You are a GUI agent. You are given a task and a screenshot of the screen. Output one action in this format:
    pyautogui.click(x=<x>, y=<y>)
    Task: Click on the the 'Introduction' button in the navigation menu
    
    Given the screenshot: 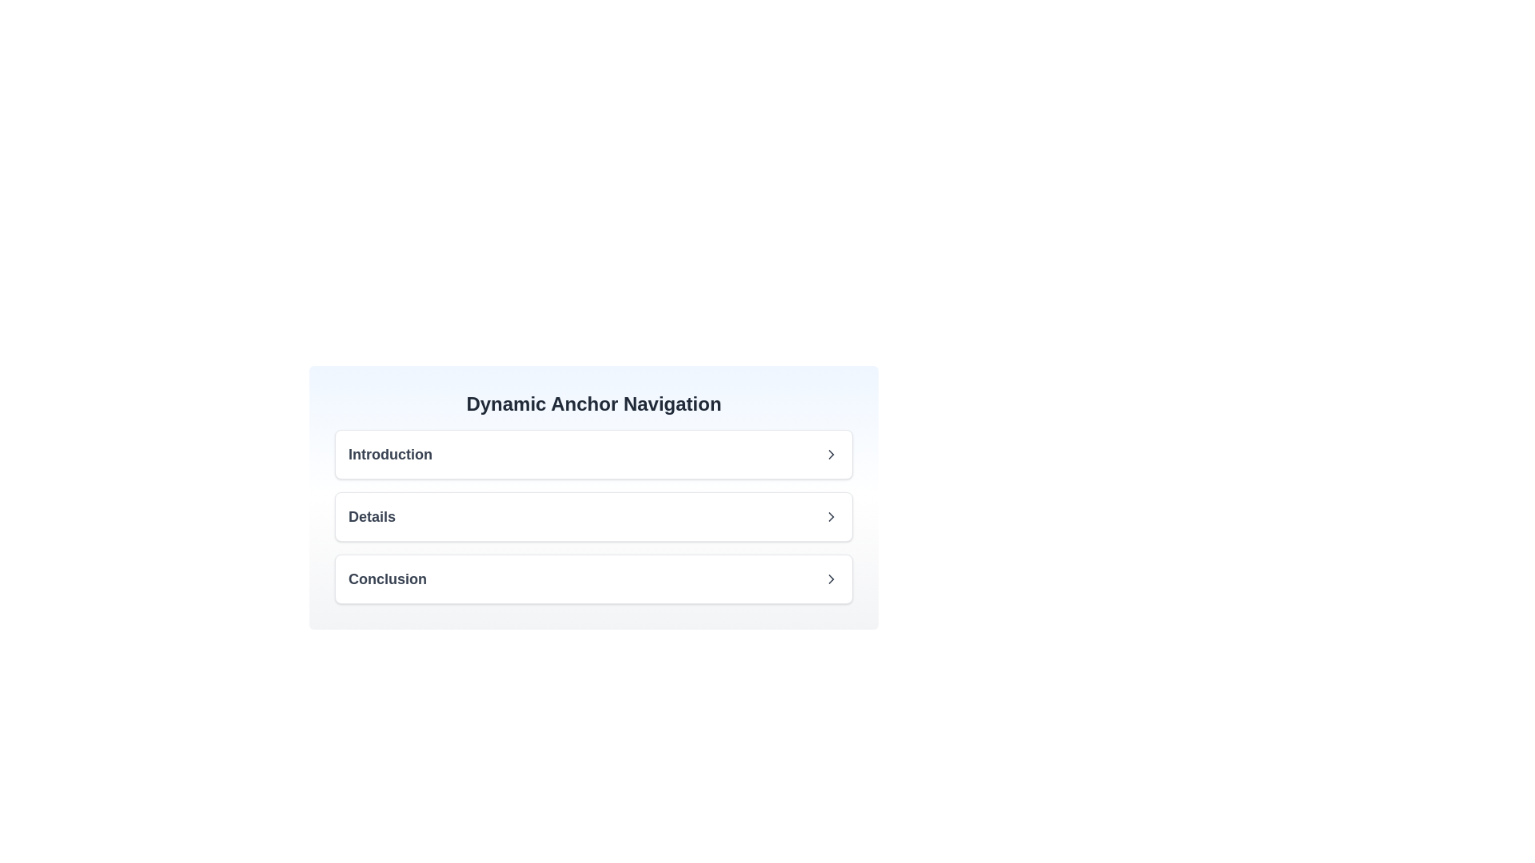 What is the action you would take?
    pyautogui.click(x=593, y=455)
    